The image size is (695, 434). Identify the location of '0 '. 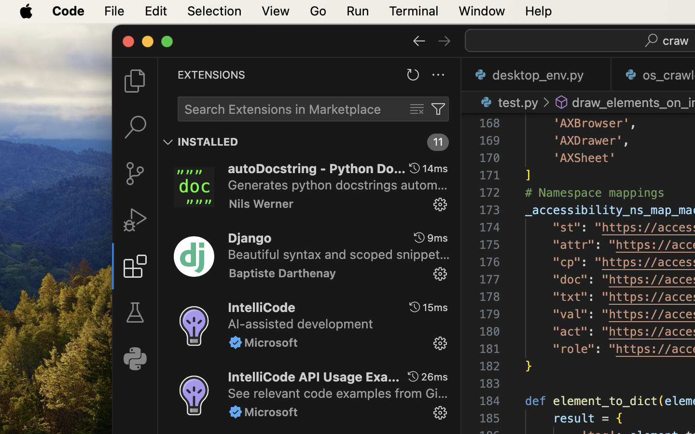
(134, 126).